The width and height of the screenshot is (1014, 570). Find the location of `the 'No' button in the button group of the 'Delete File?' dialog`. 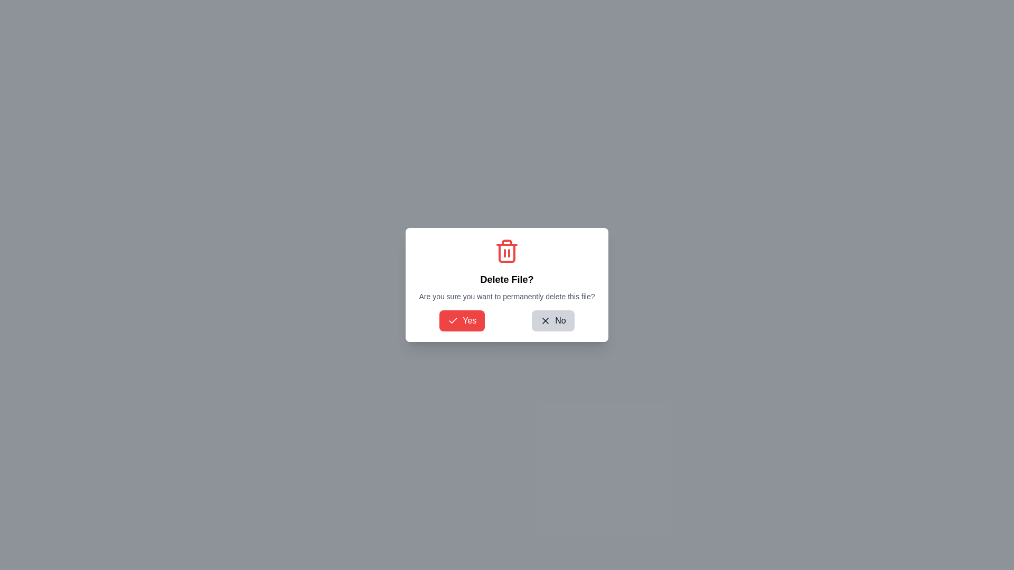

the 'No' button in the button group of the 'Delete File?' dialog is located at coordinates (507, 320).